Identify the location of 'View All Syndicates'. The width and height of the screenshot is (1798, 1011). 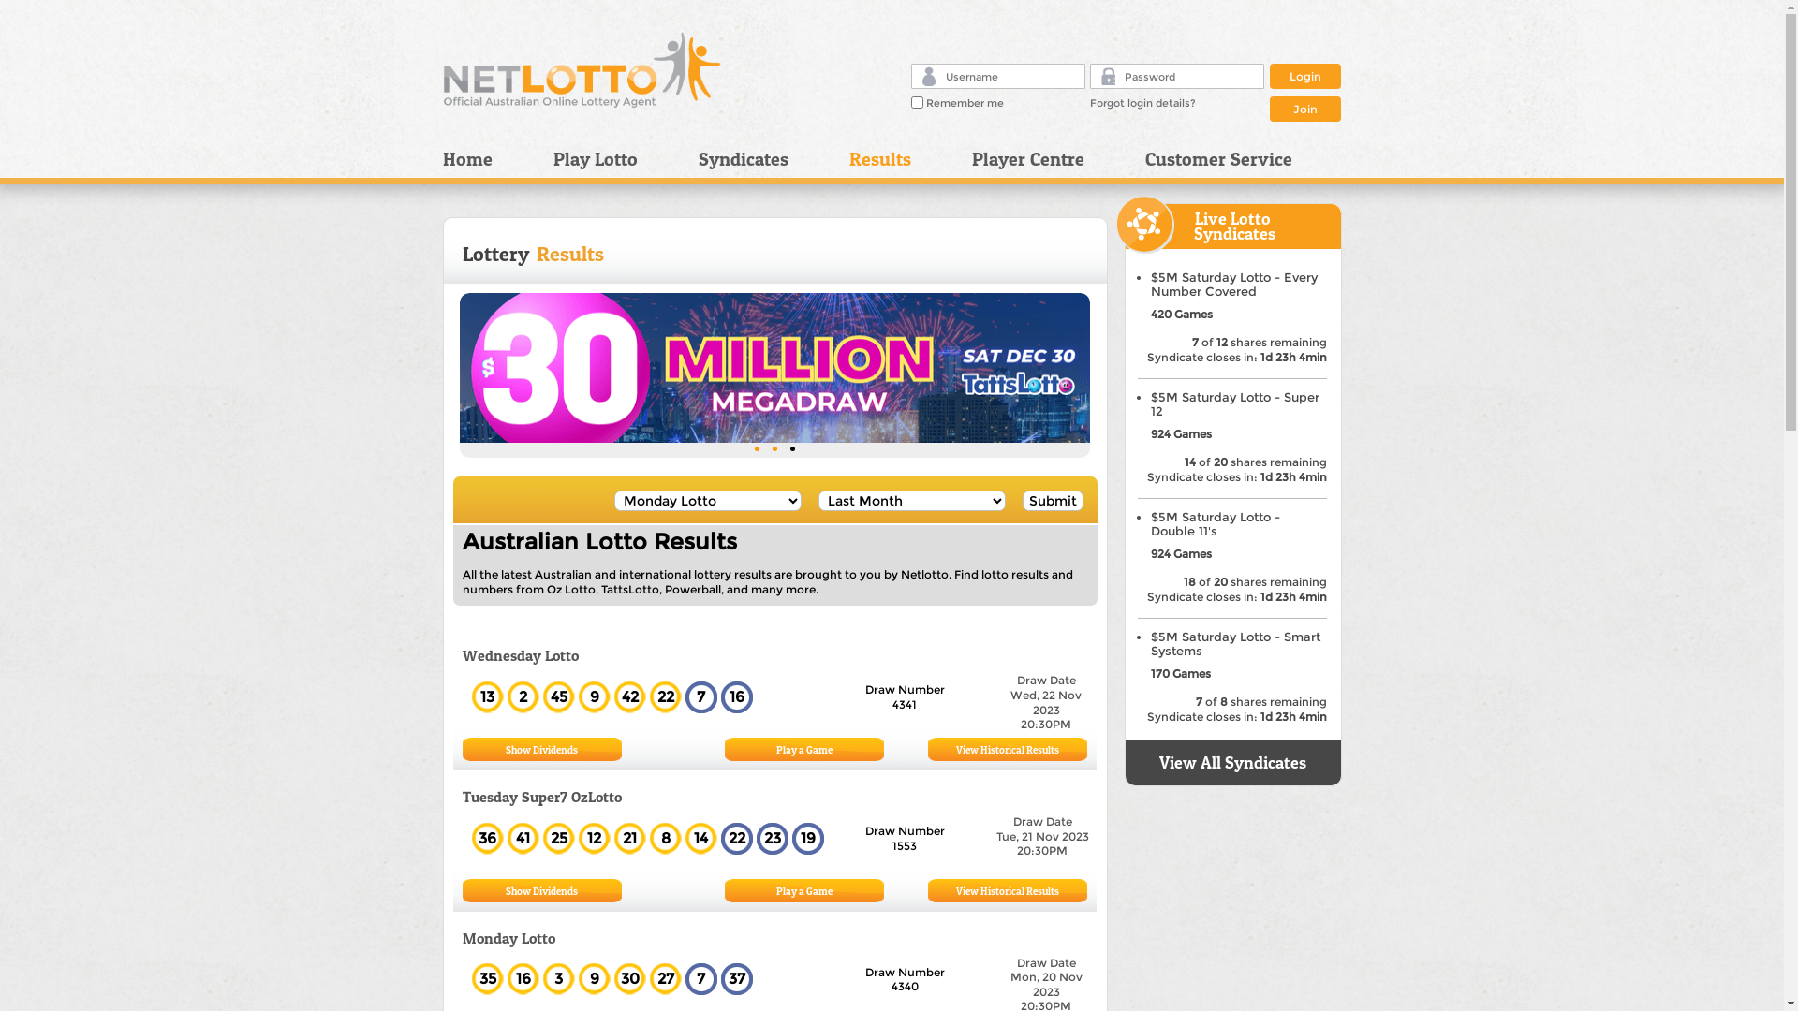
(1232, 762).